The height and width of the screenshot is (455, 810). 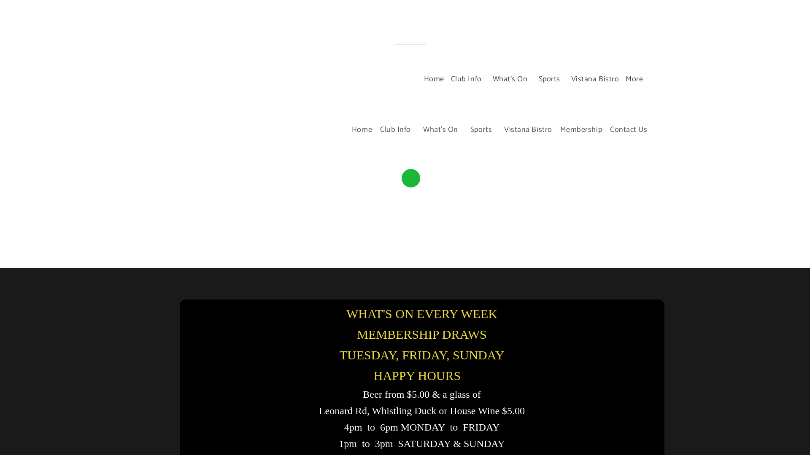 I want to click on 'Contact Us', so click(x=624, y=130).